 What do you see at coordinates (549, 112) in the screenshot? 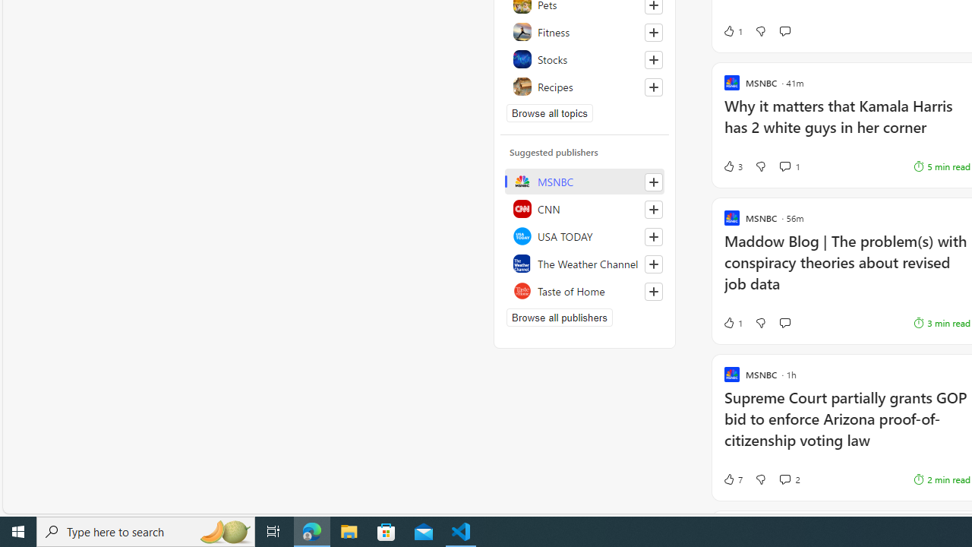
I see `'Browse all topics'` at bounding box center [549, 112].